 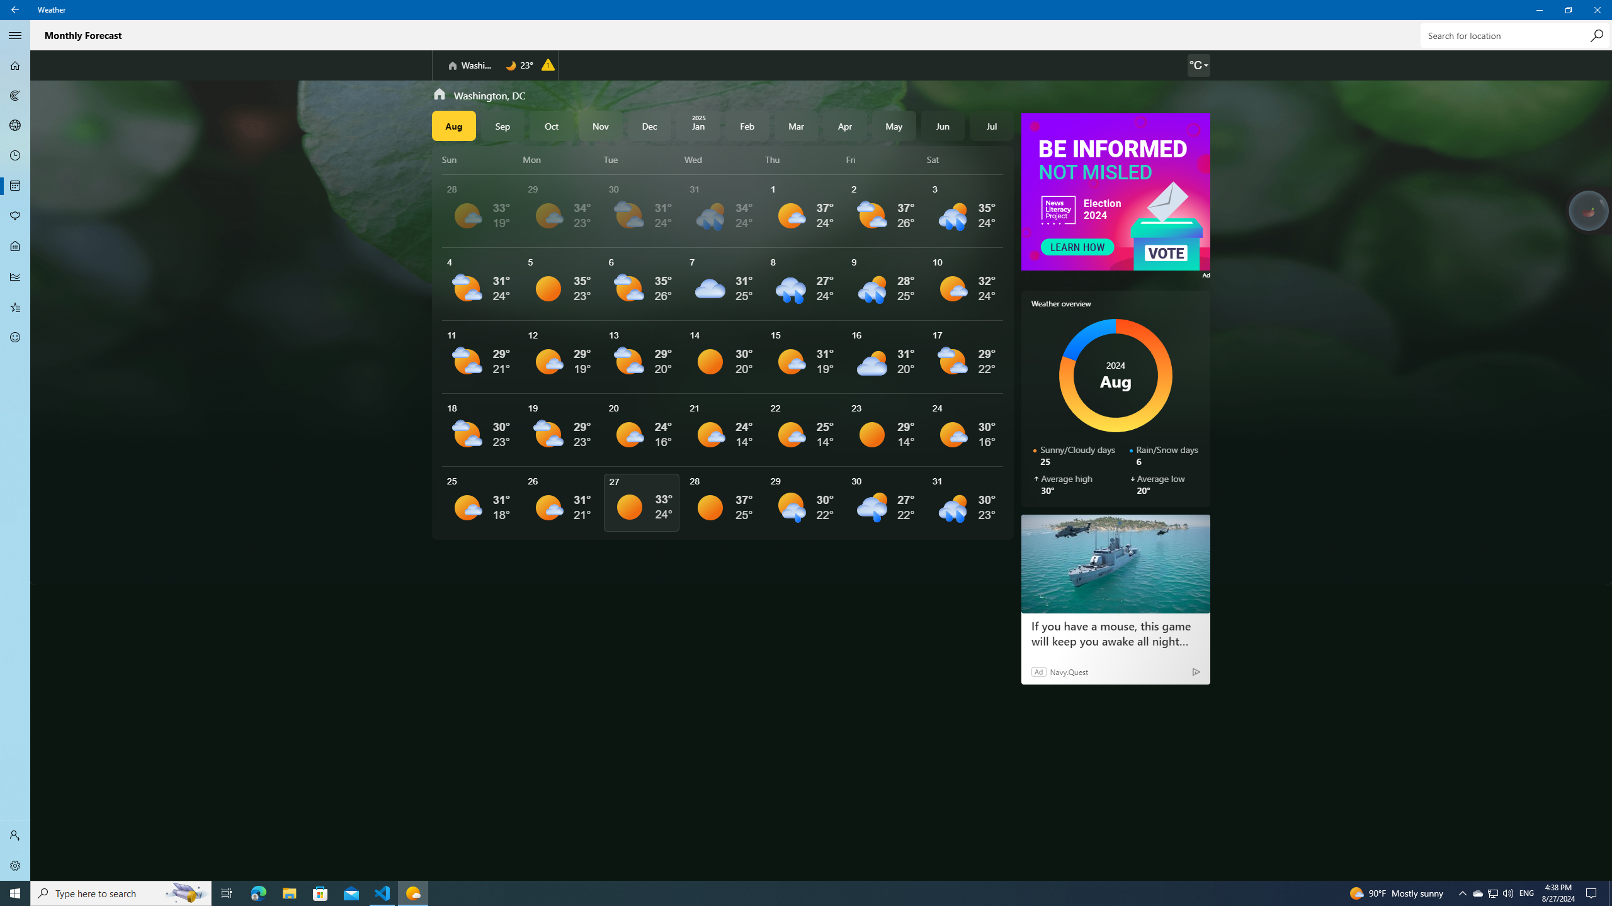 What do you see at coordinates (185, 892) in the screenshot?
I see `'Search highlights icon opens search home window'` at bounding box center [185, 892].